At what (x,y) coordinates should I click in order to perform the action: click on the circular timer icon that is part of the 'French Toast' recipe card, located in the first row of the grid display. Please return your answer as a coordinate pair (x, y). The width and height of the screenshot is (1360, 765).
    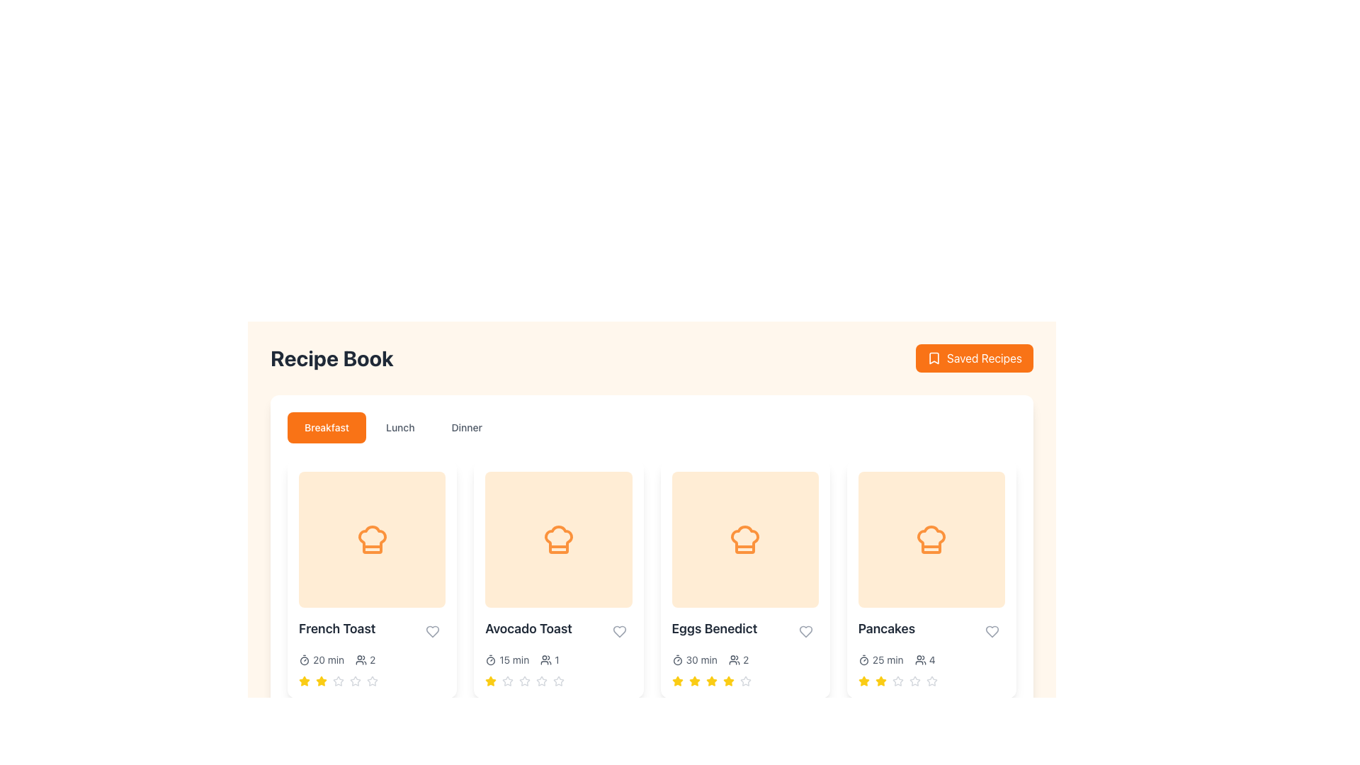
    Looking at the image, I should click on (304, 661).